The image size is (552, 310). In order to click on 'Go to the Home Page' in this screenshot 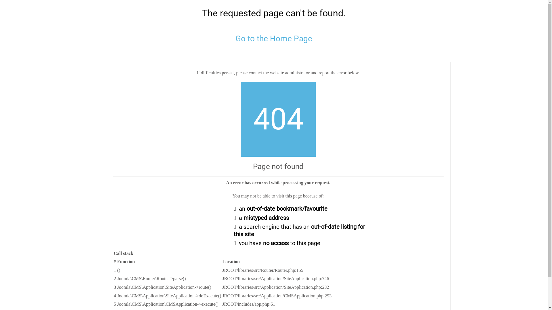, I will do `click(235, 38)`.